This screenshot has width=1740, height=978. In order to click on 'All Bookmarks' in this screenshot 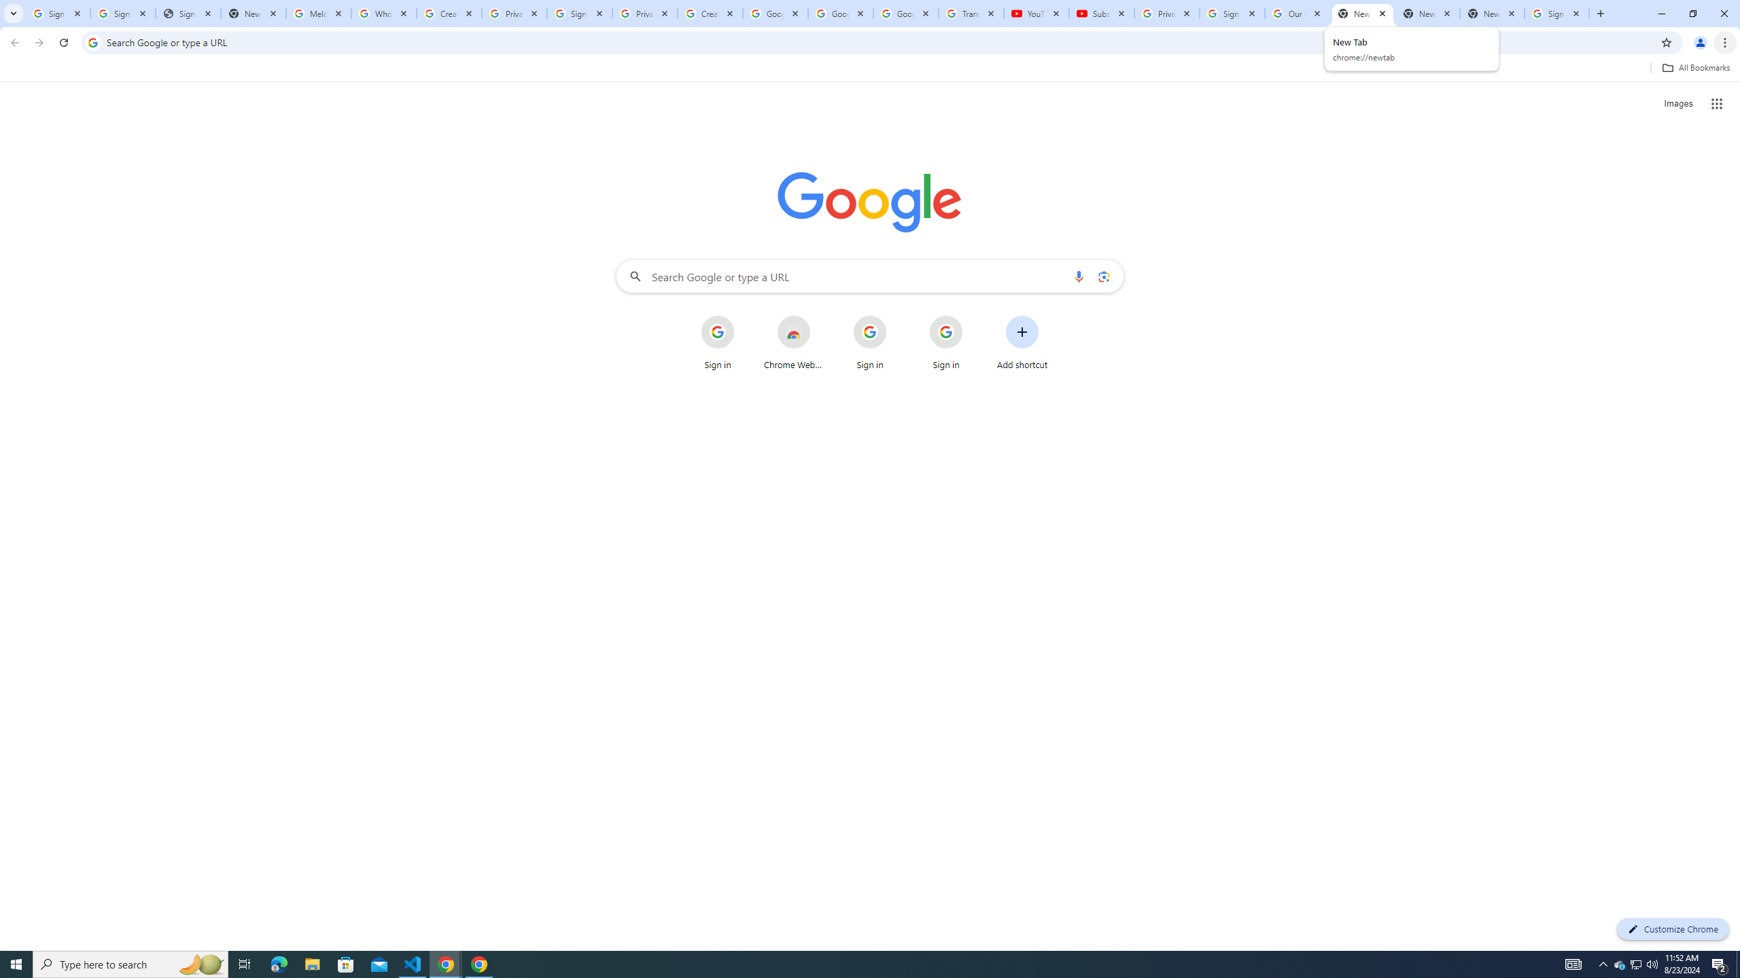, I will do `click(1695, 67)`.